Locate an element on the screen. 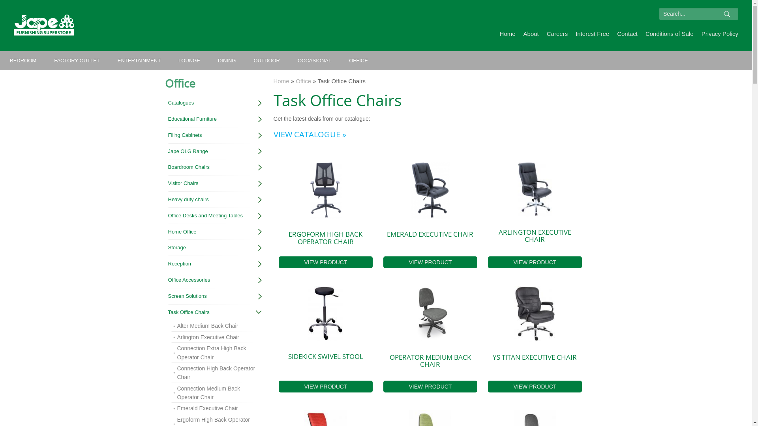  'BEDROOM' is located at coordinates (23, 60).